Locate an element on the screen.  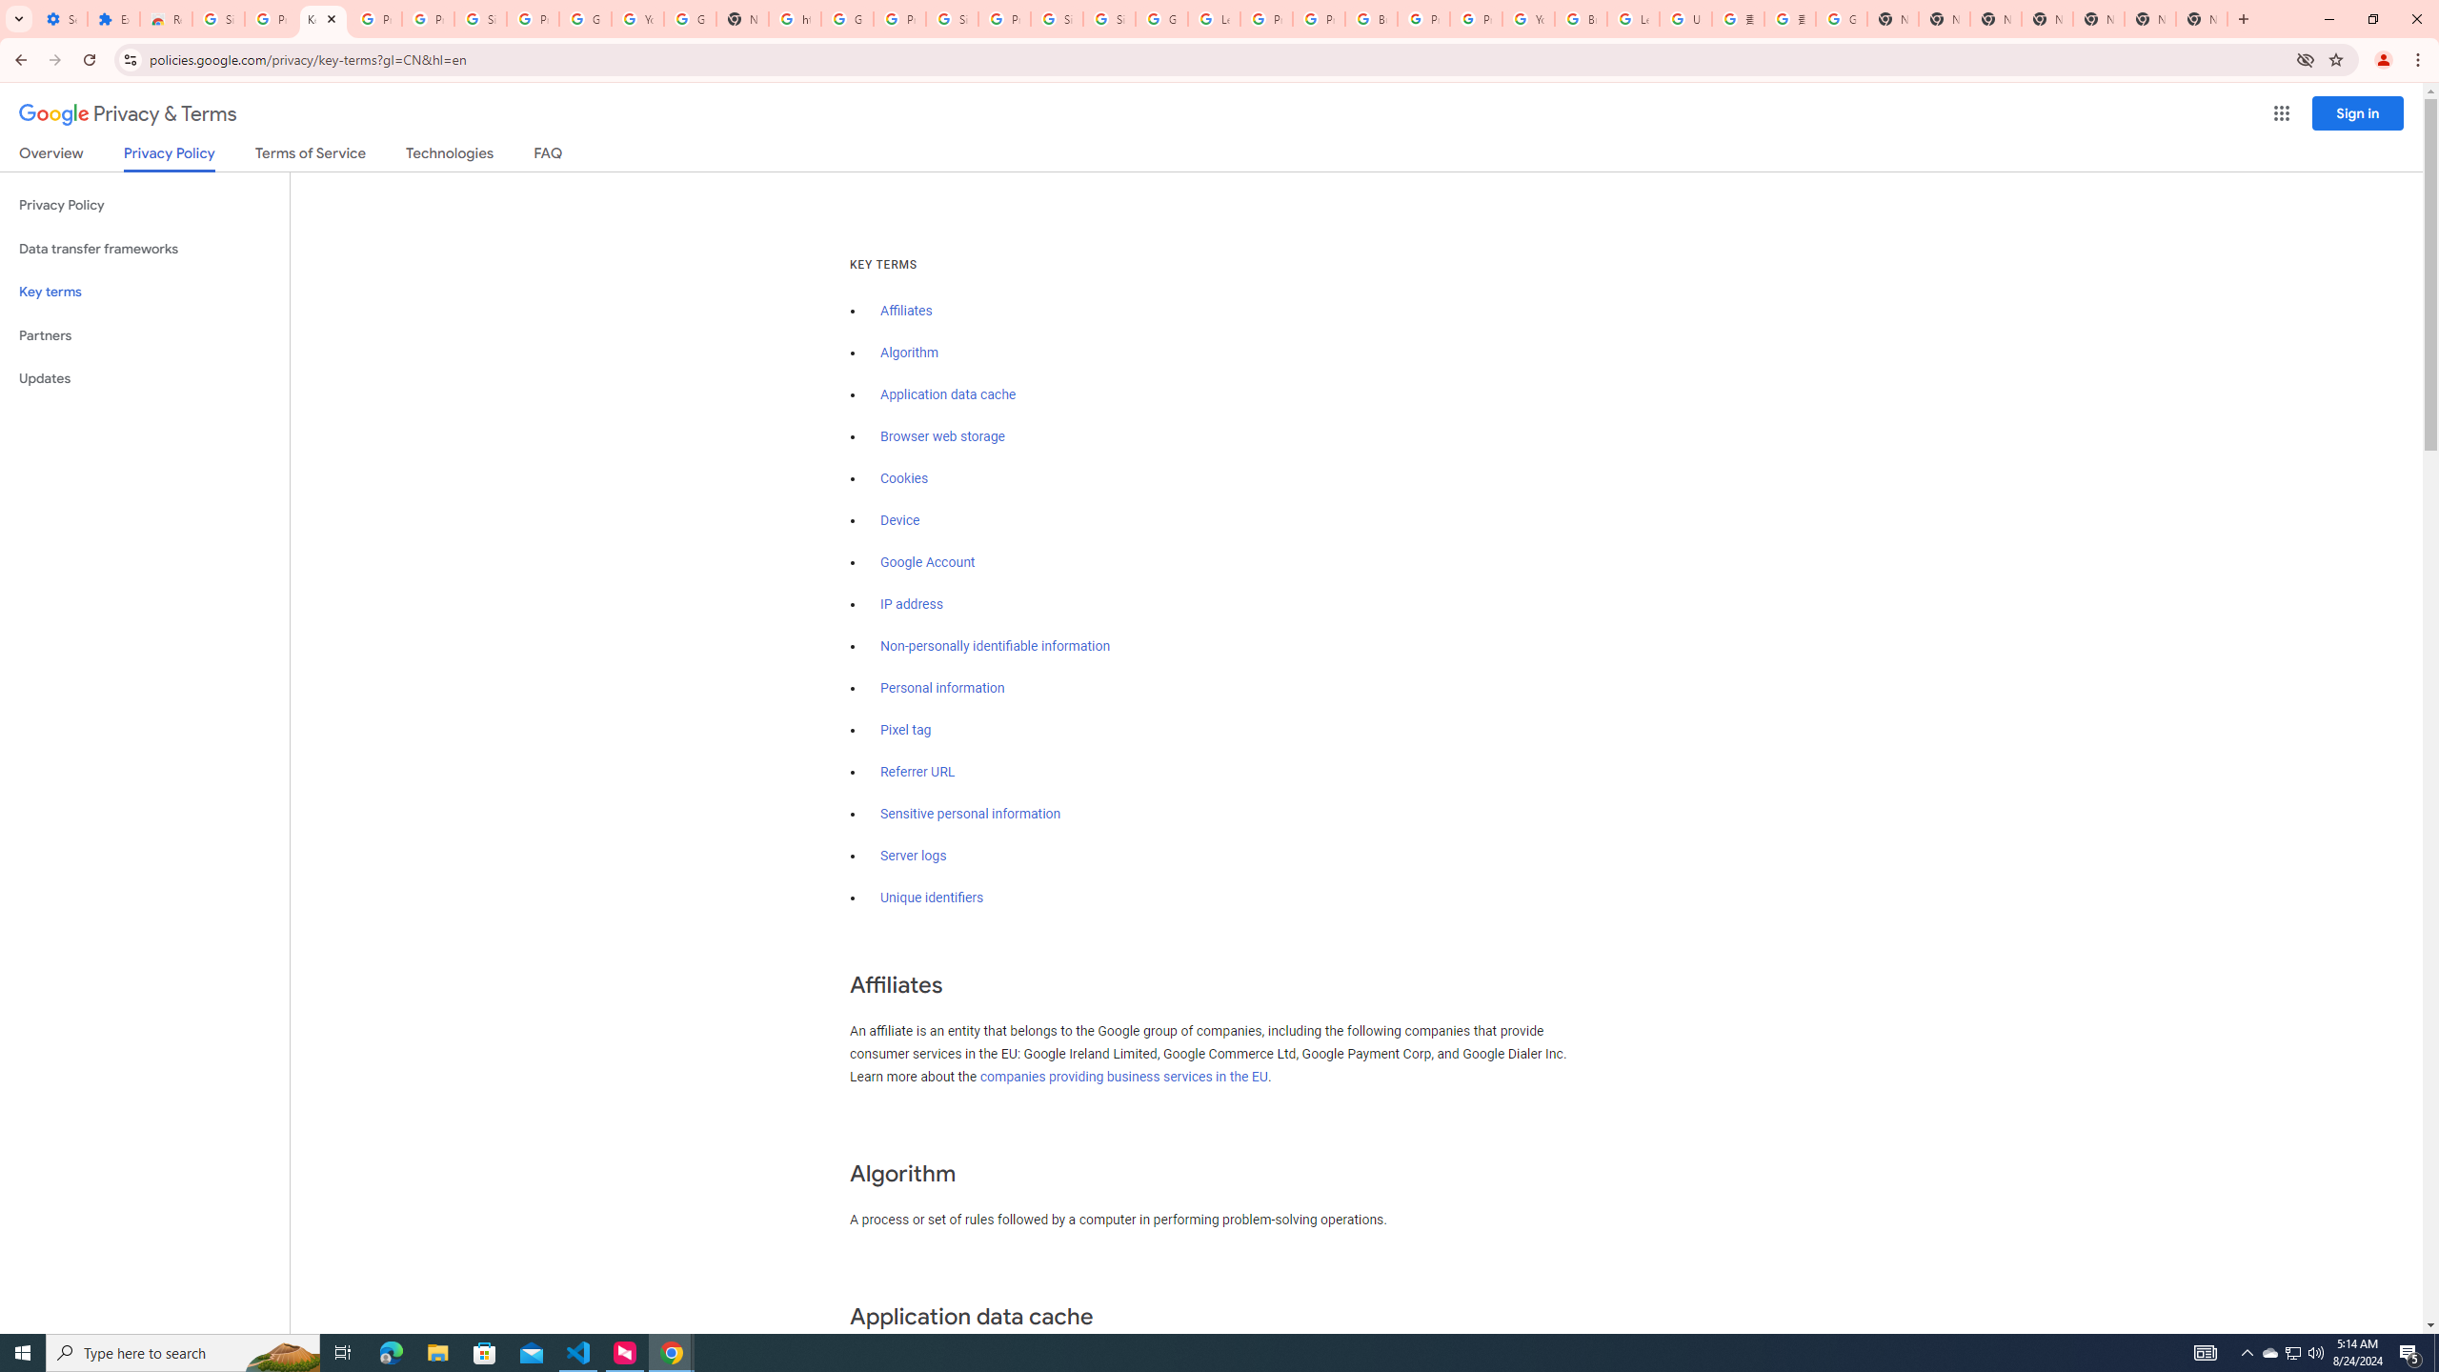
'Algorithm' is located at coordinates (908, 352).